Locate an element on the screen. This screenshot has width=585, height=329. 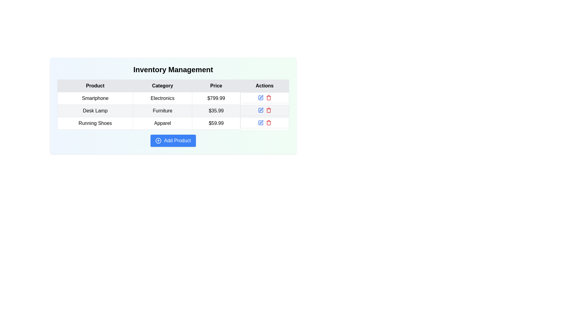
the 'Add New Product' button located below the 'Inventory Management' table is located at coordinates (173, 141).